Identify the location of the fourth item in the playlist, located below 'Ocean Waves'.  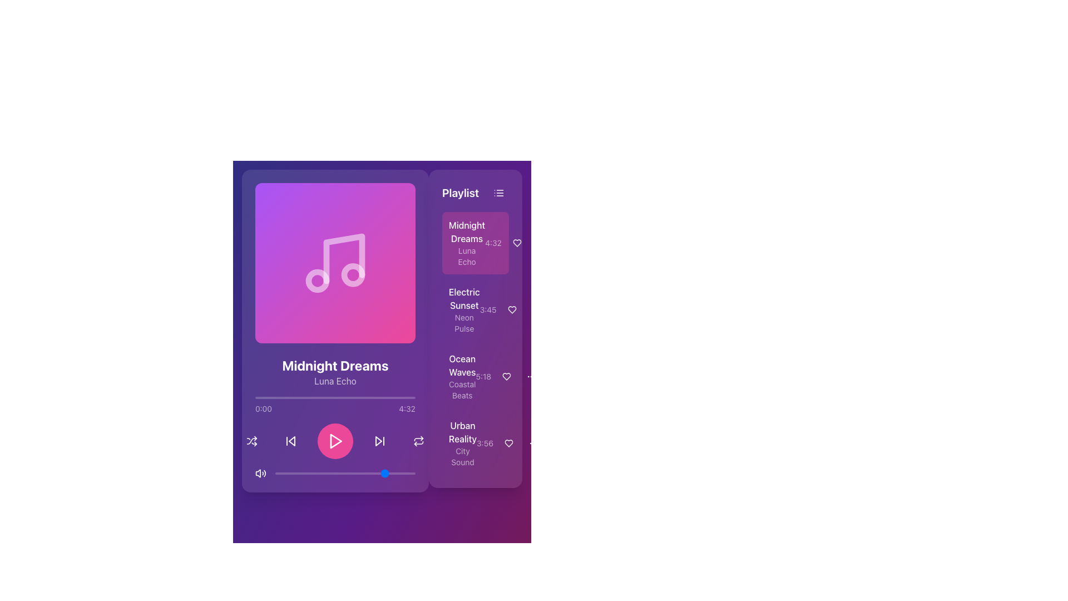
(475, 443).